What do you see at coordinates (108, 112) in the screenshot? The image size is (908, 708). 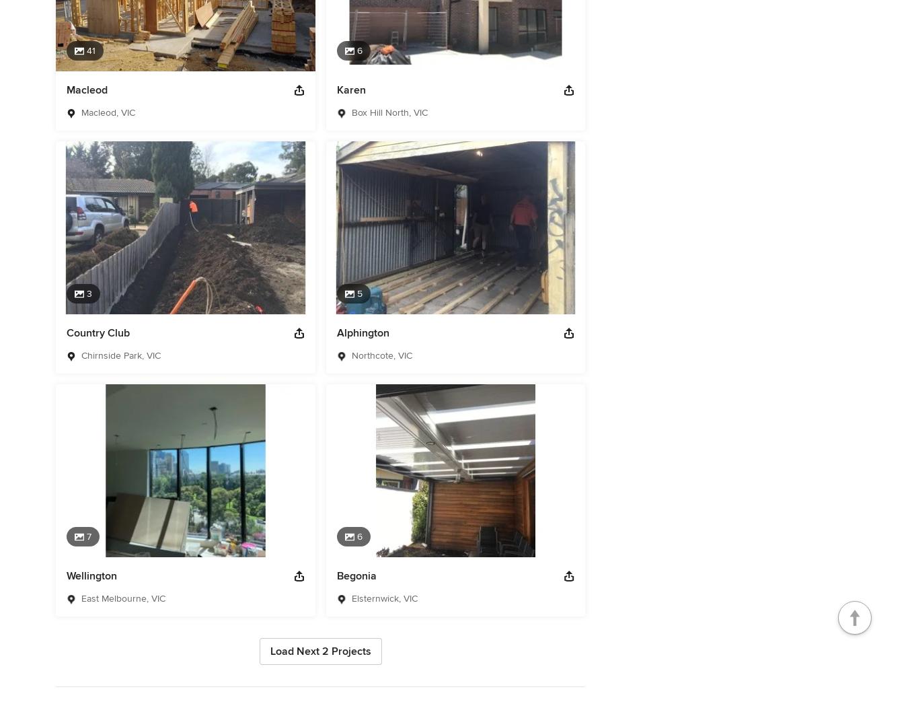 I see `'Macleod, VIC'` at bounding box center [108, 112].